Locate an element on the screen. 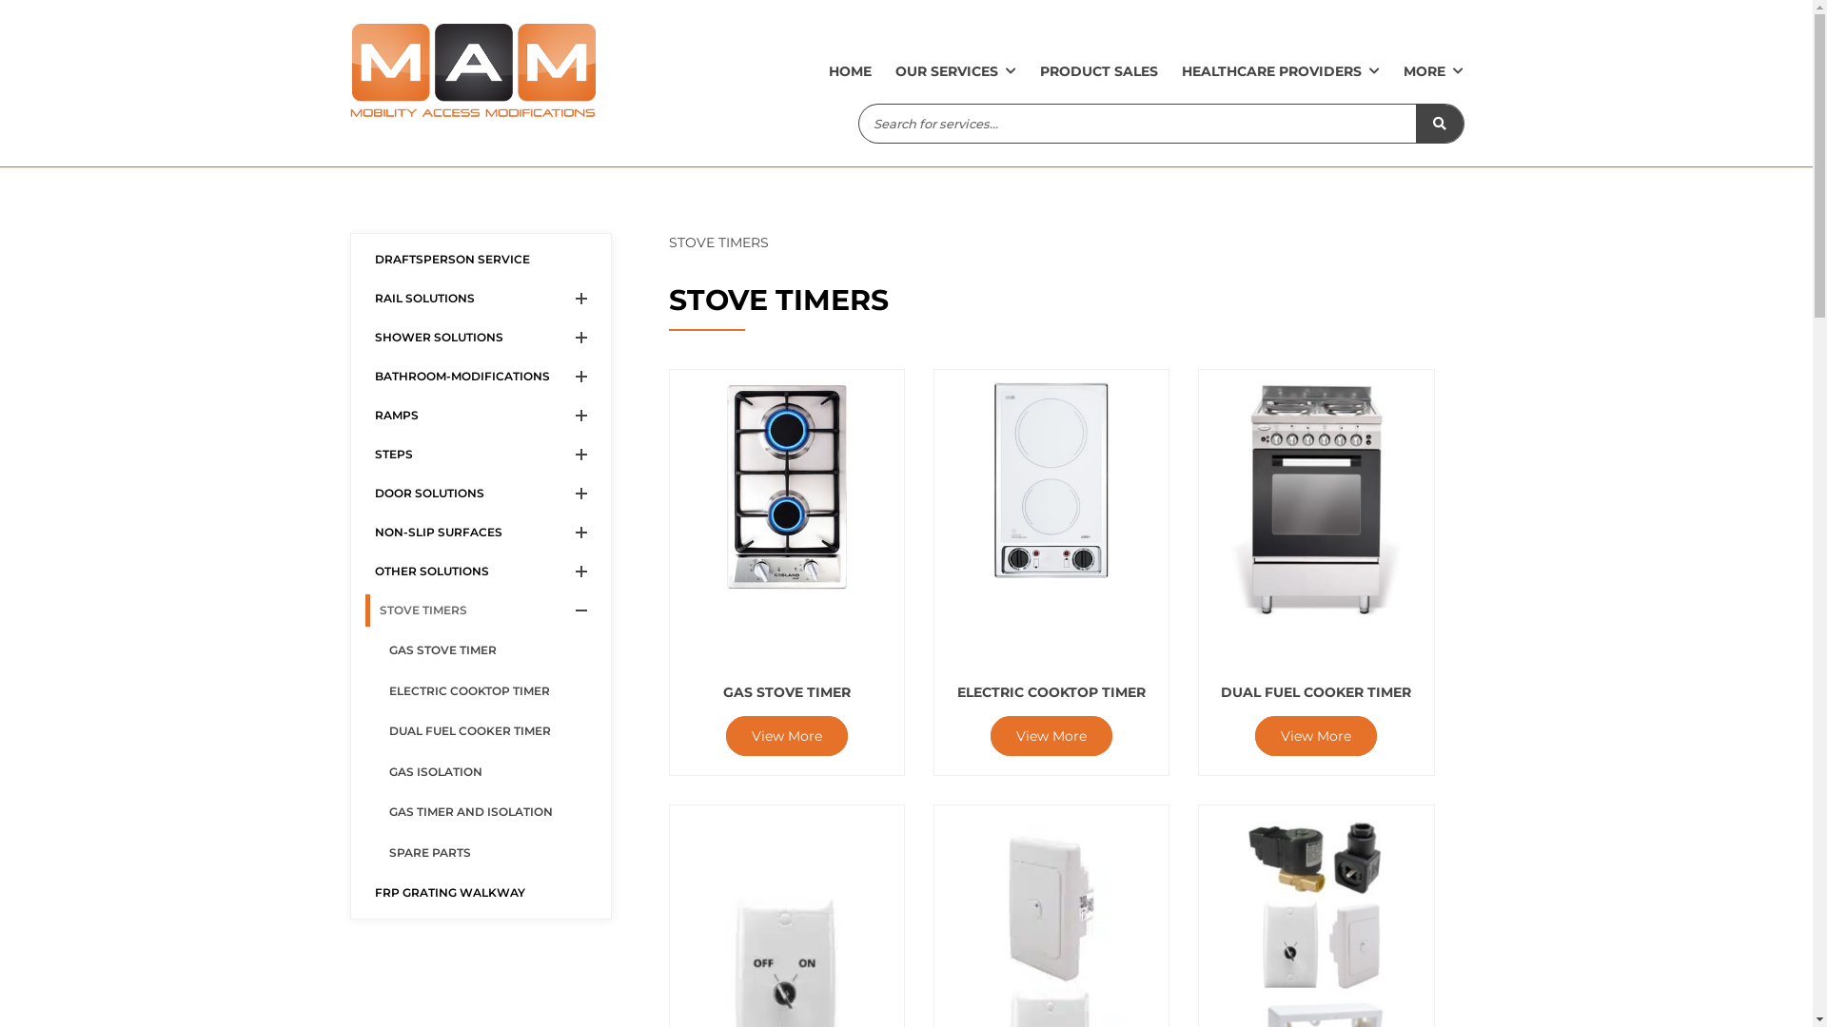  'GAS ISOLATION' is located at coordinates (379, 772).